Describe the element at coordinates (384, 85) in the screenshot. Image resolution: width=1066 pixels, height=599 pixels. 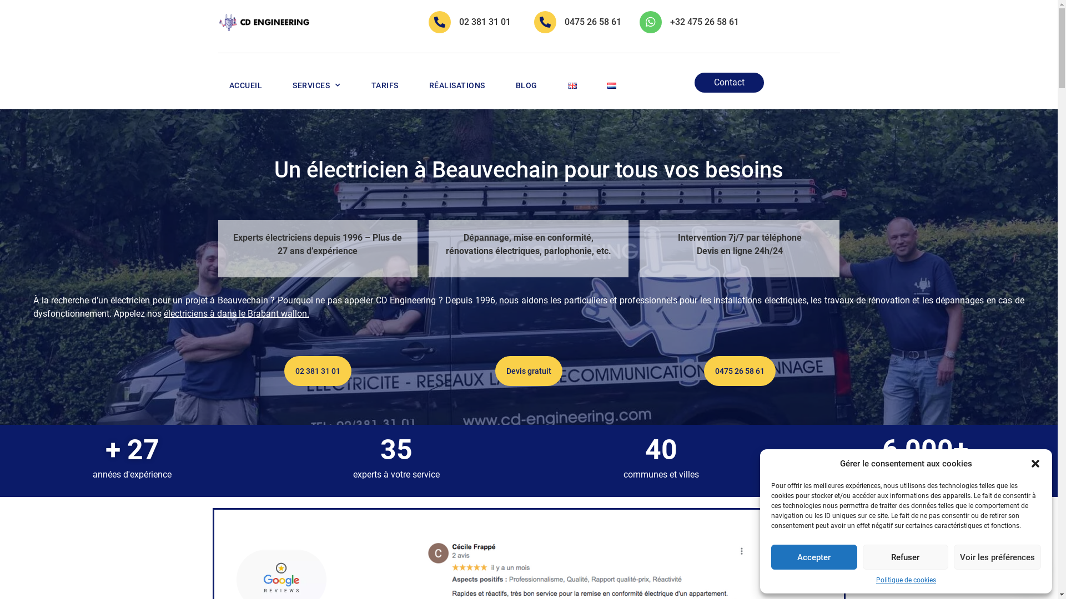
I see `'TARIFS'` at that location.